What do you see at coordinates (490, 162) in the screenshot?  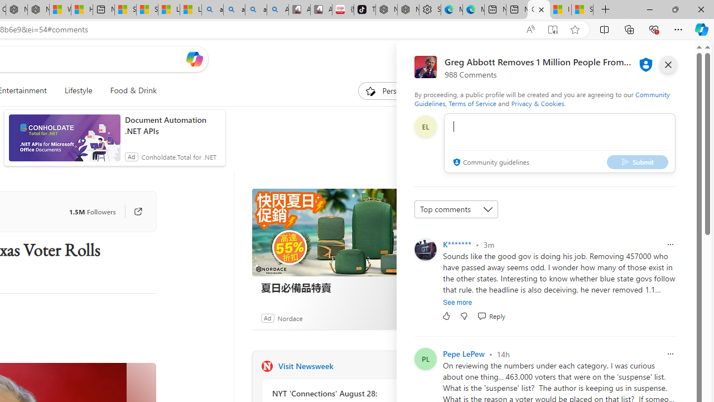 I see `'Community guidelines'` at bounding box center [490, 162].